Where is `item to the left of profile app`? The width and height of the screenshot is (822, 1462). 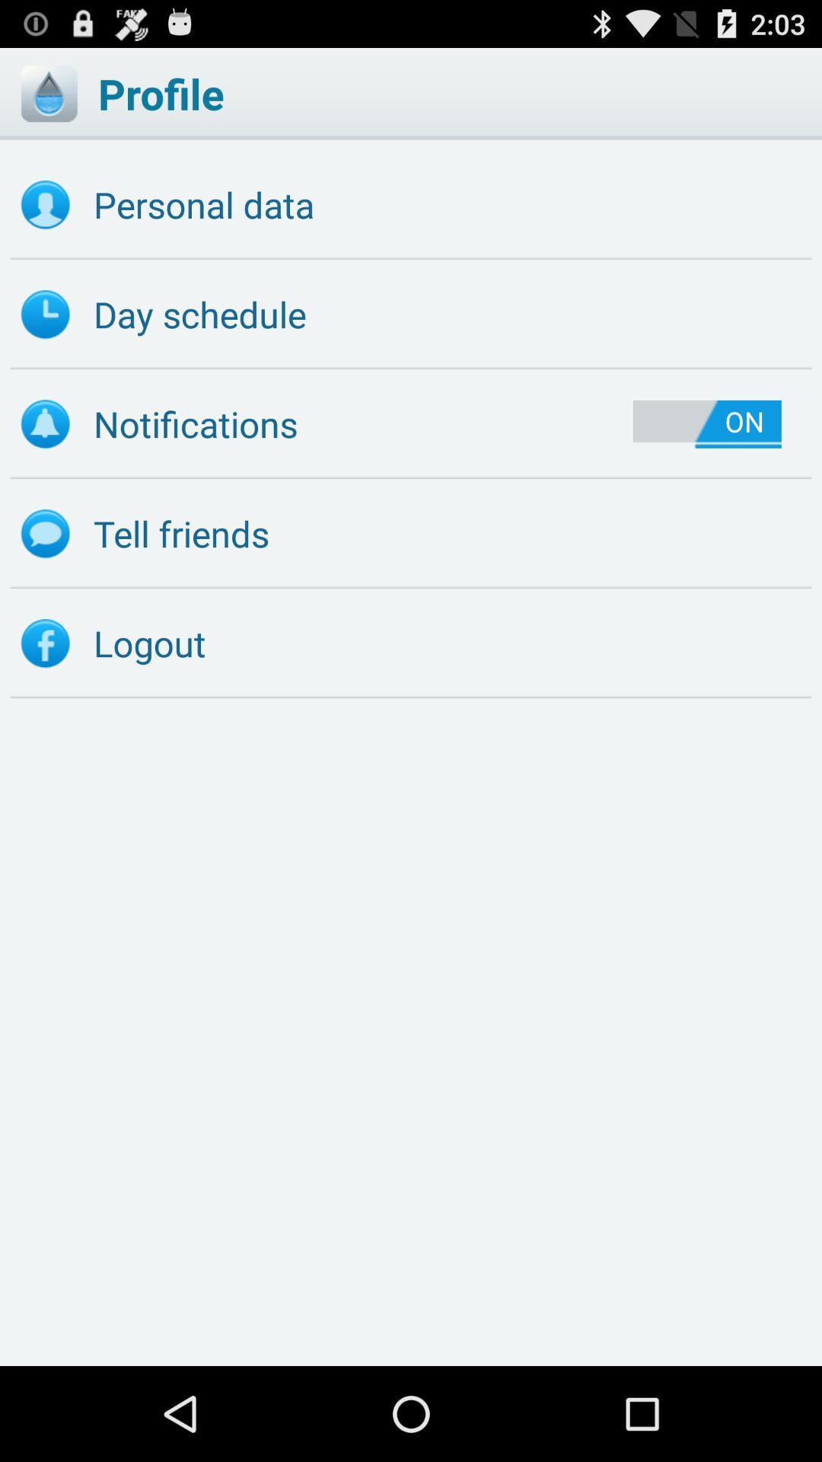
item to the left of profile app is located at coordinates (48, 93).